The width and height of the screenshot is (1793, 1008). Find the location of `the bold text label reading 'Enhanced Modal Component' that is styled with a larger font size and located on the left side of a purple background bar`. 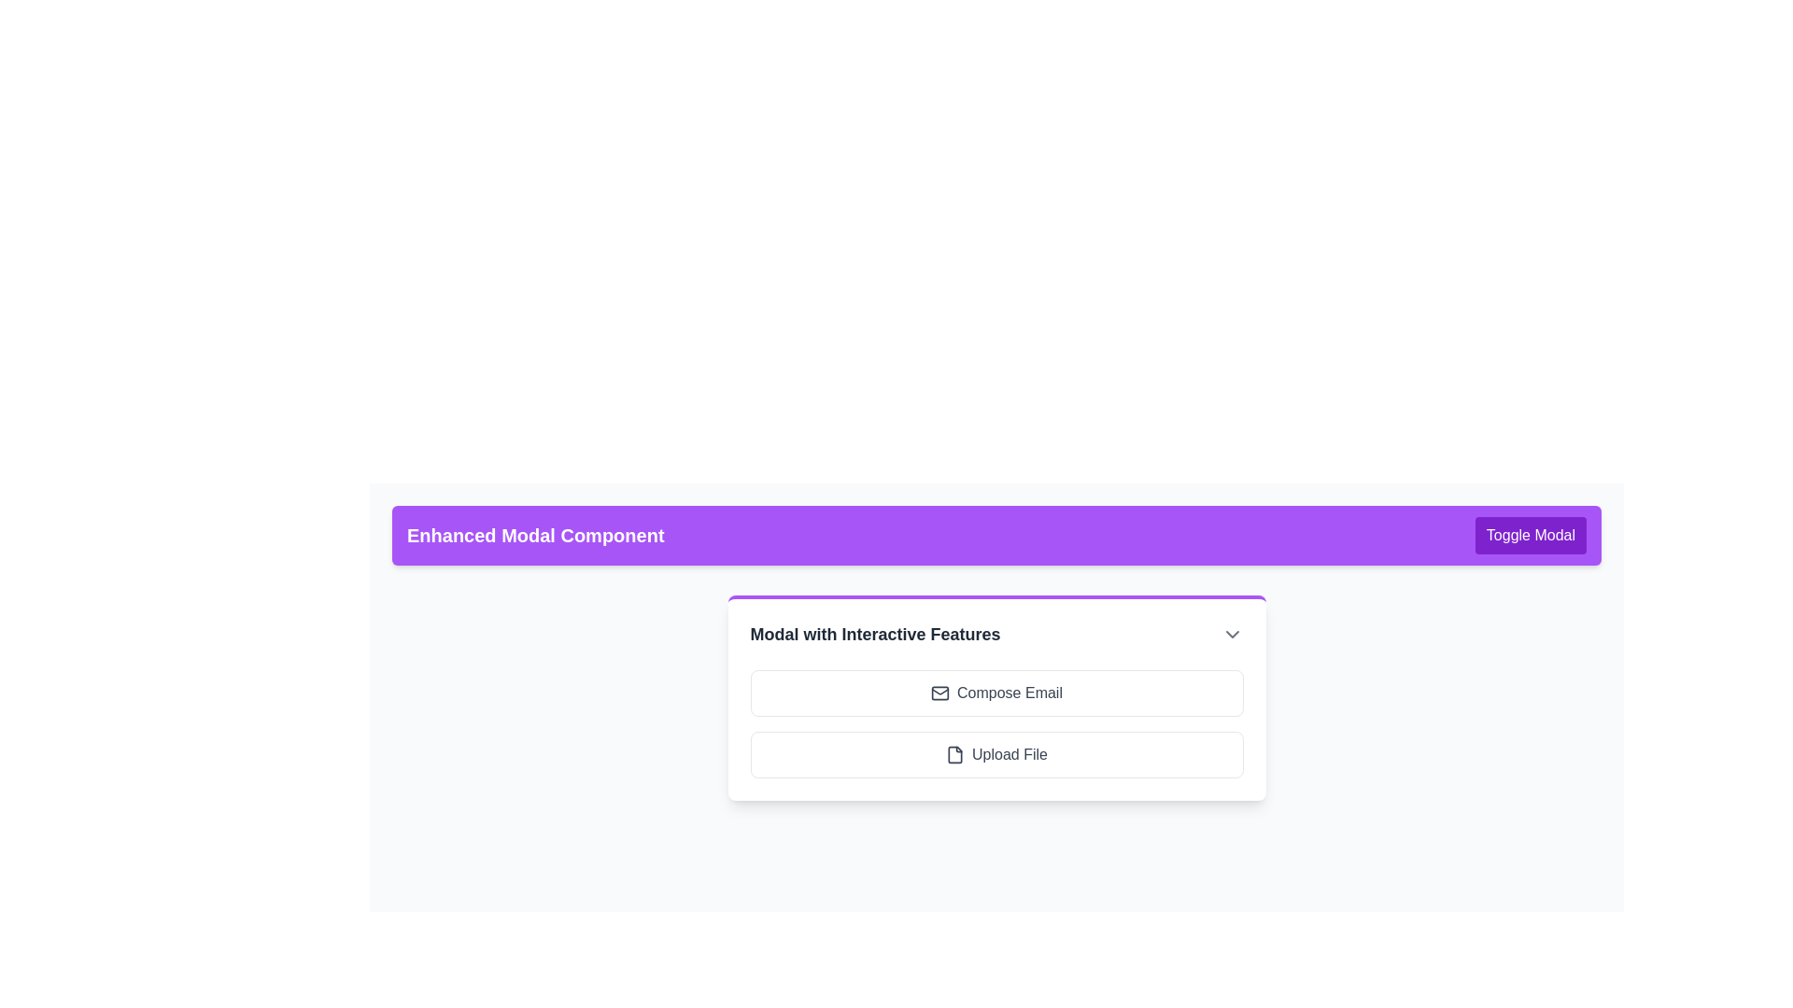

the bold text label reading 'Enhanced Modal Component' that is styled with a larger font size and located on the left side of a purple background bar is located at coordinates (534, 536).